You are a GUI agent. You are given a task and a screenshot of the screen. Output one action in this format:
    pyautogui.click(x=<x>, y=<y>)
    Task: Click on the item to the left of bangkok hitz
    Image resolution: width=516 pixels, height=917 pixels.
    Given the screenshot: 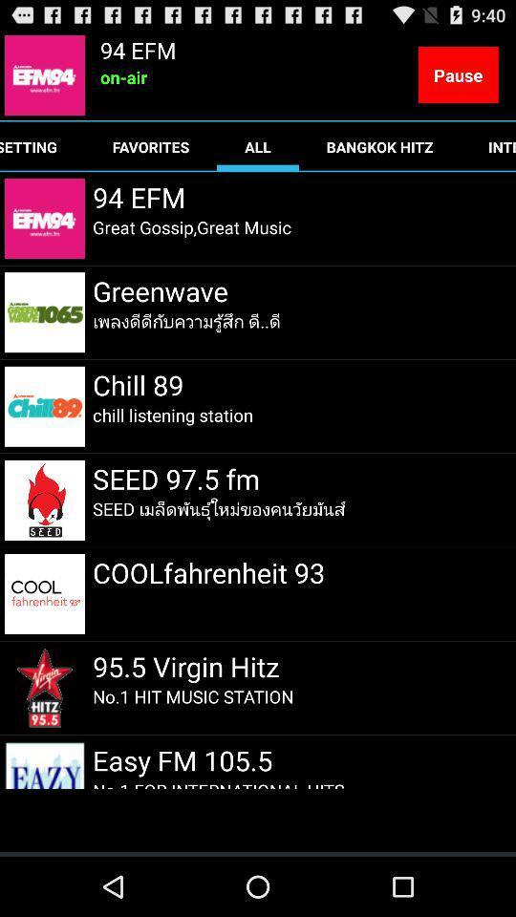 What is the action you would take?
    pyautogui.click(x=258, y=145)
    